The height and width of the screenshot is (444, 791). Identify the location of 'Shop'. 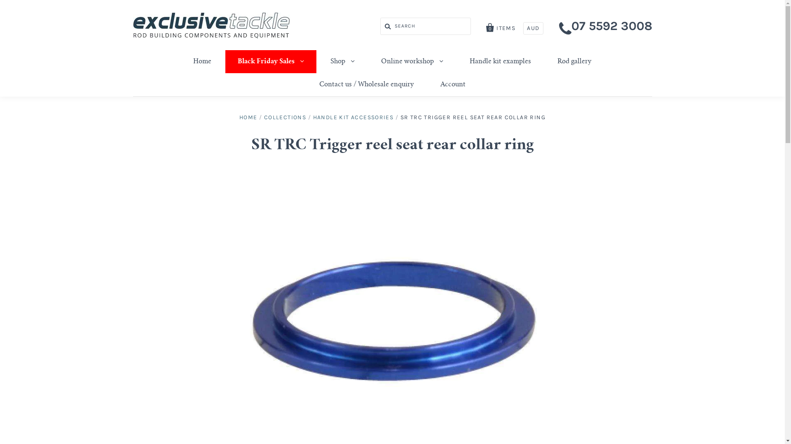
(342, 61).